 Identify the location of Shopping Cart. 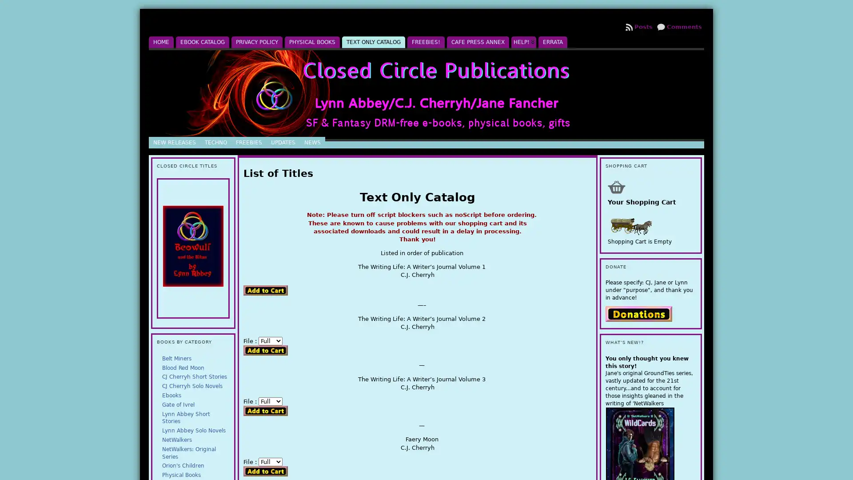
(616, 186).